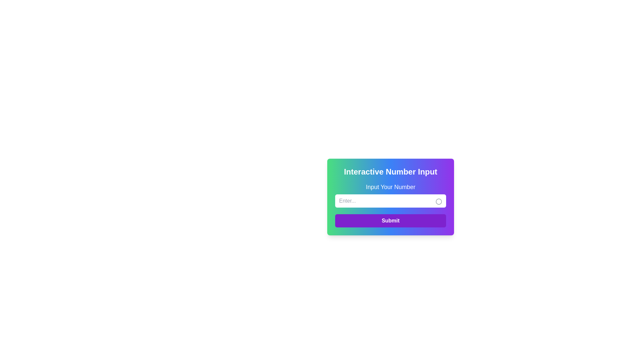 The image size is (634, 357). What do you see at coordinates (439, 201) in the screenshot?
I see `the decorative icon located on the right side of the input field, which provides visual feedback related to the number input` at bounding box center [439, 201].